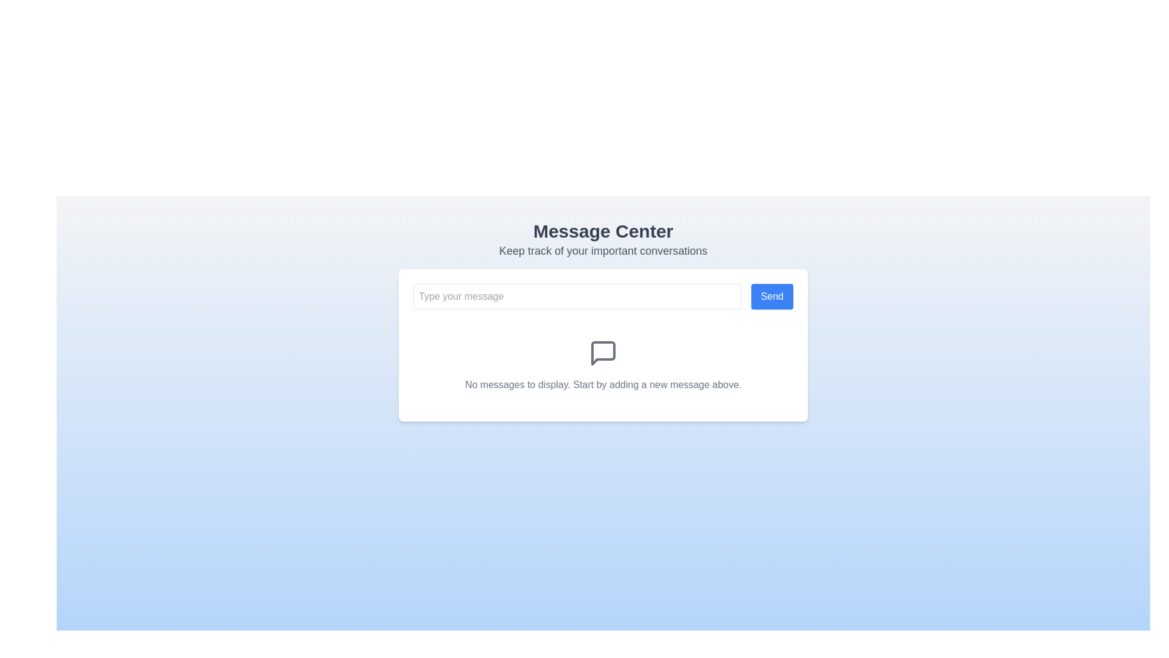 This screenshot has height=658, width=1169. I want to click on the Text Input Field located in the upper section of the light blue card area to enable text entry, so click(577, 296).